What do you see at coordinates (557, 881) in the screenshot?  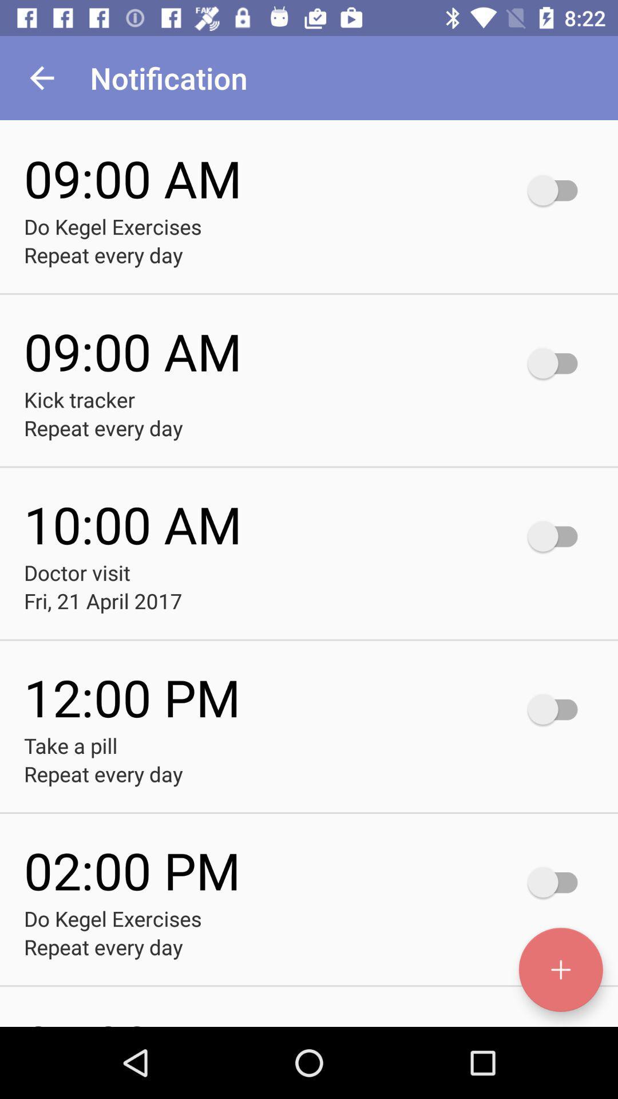 I see `the last enable option` at bounding box center [557, 881].